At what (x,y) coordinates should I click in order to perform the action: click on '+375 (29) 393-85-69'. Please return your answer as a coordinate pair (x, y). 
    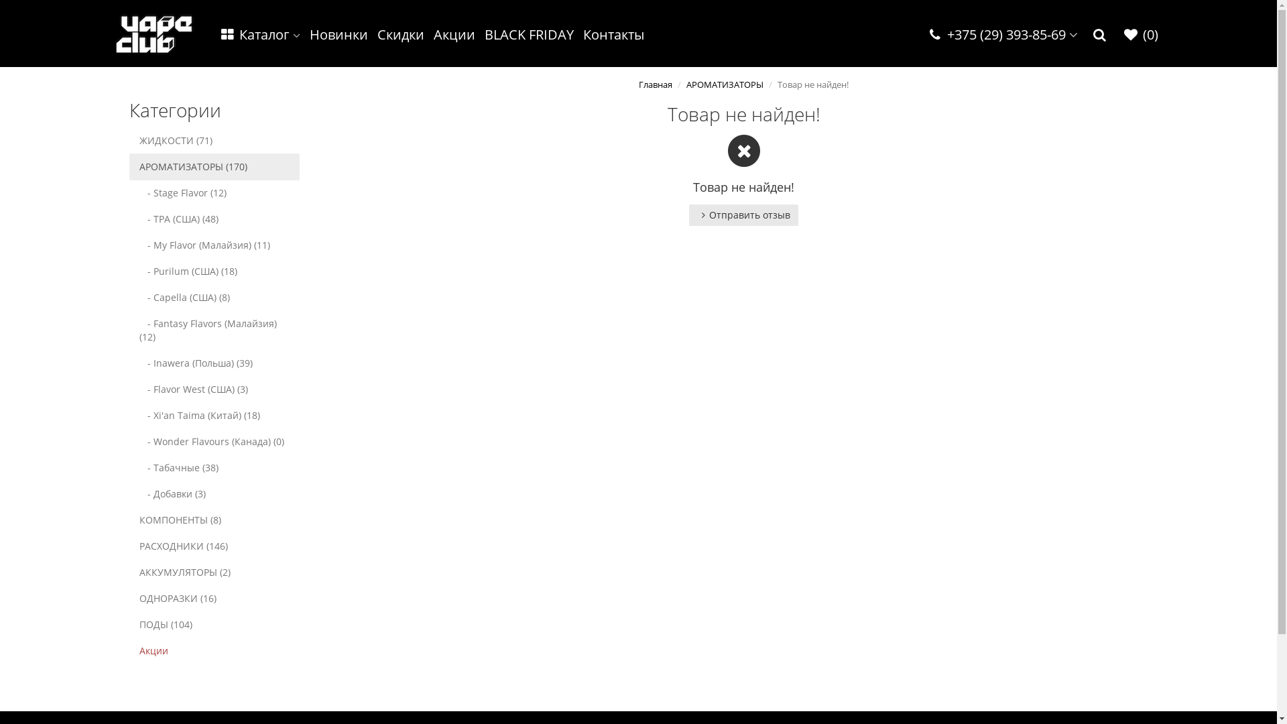
    Looking at the image, I should click on (919, 34).